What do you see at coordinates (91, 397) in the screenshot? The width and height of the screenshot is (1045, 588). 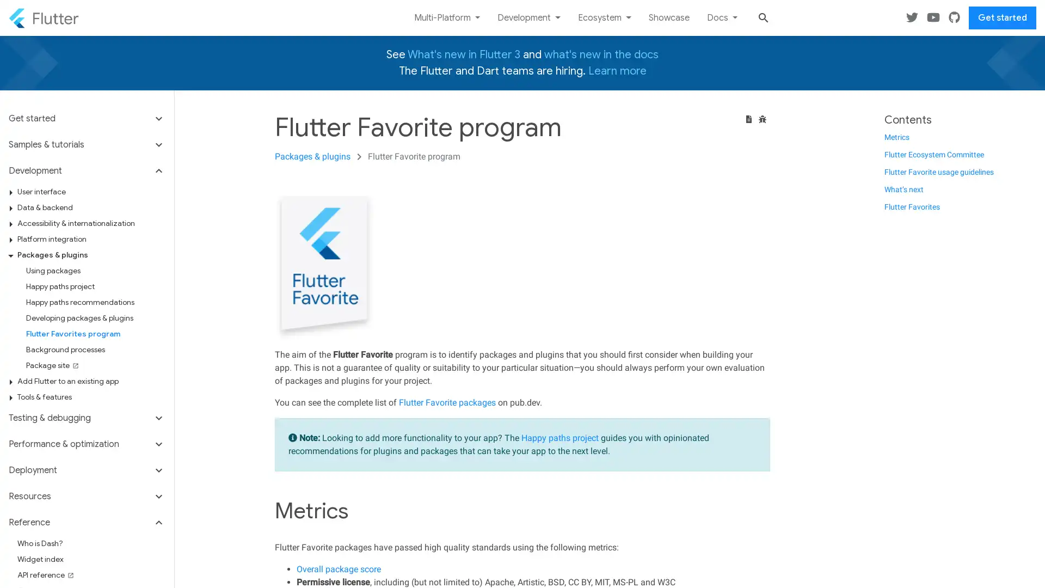 I see `arrow_drop_down Tools & features` at bounding box center [91, 397].